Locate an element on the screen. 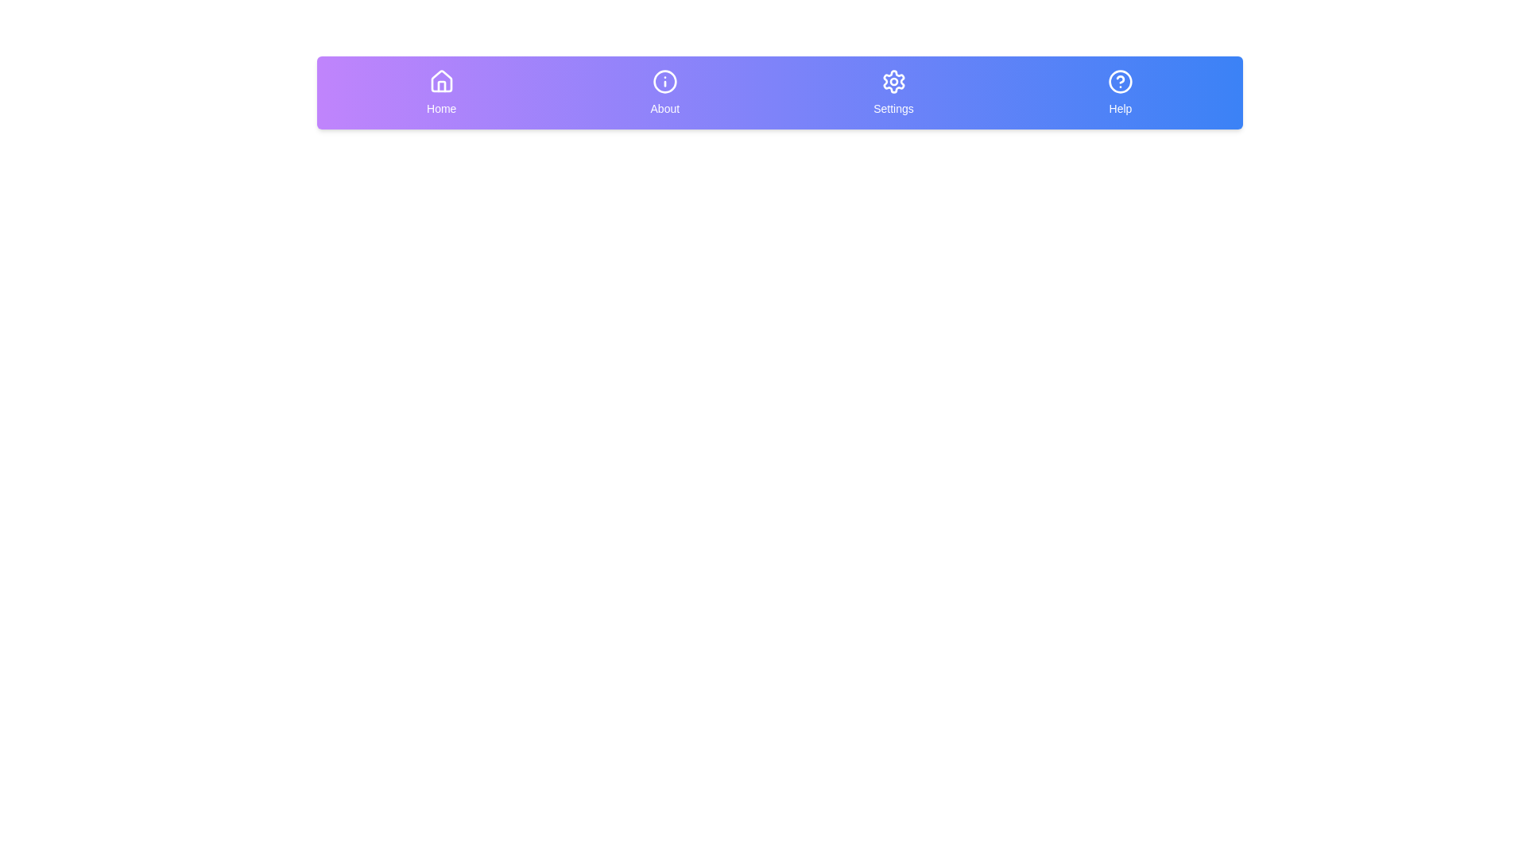 The width and height of the screenshot is (1526, 858). the Help SVG icon located in the navigation bar is located at coordinates (1119, 82).